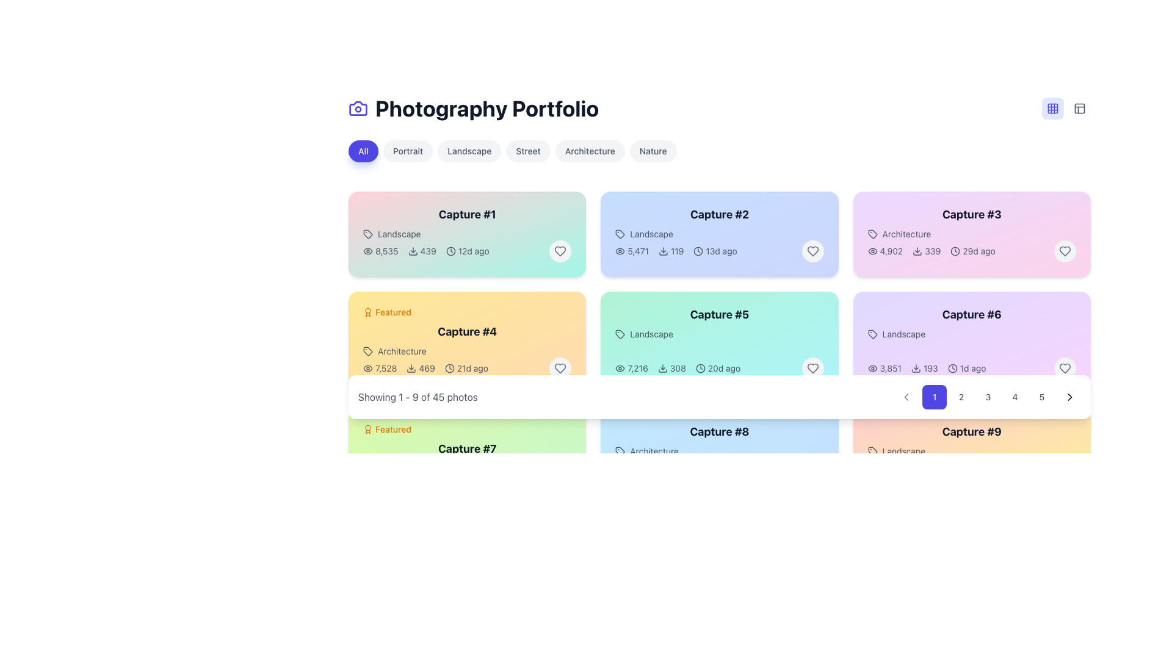 This screenshot has width=1172, height=659. I want to click on the button in the upper-right corner of the 'Capture #3' card, so click(1069, 211).